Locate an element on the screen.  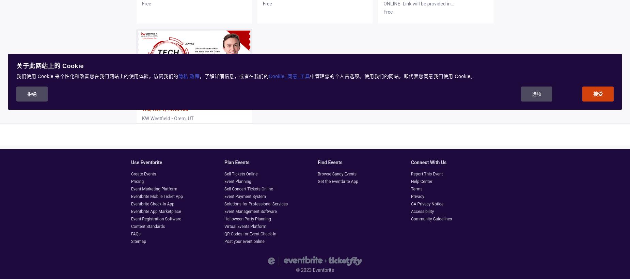
'Event Marketing Platform' is located at coordinates (130, 189).